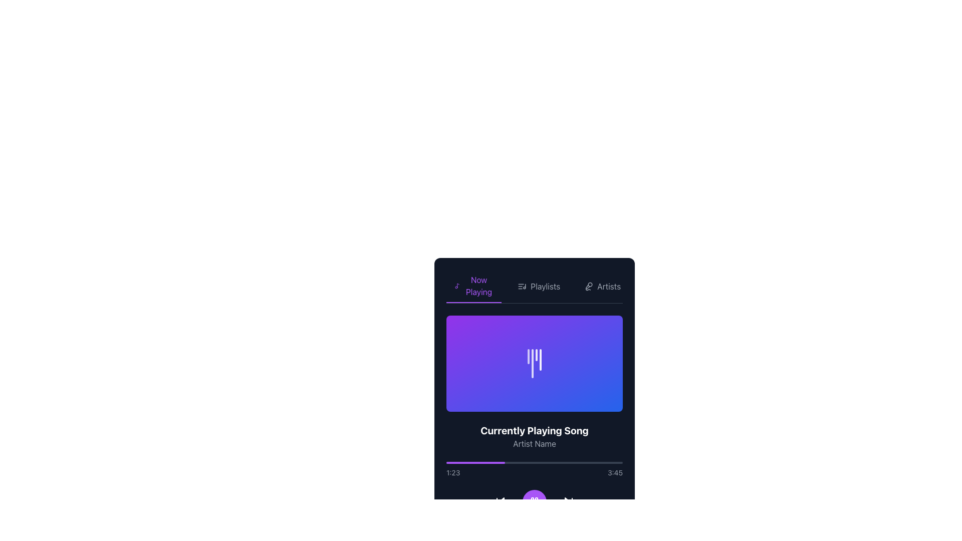 This screenshot has height=541, width=962. I want to click on the skip backward button, which is an icon button with a minimal design and stroke outline, located to the left of the play button in the playback controls, so click(500, 502).